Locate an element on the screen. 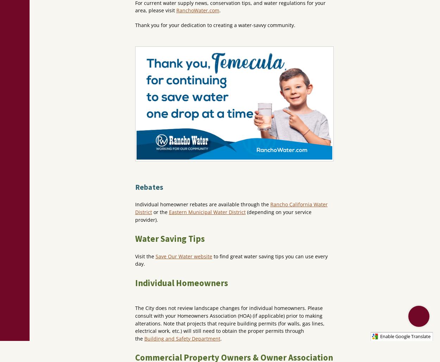 The image size is (440, 362). 'Save Our Water website' is located at coordinates (183, 256).